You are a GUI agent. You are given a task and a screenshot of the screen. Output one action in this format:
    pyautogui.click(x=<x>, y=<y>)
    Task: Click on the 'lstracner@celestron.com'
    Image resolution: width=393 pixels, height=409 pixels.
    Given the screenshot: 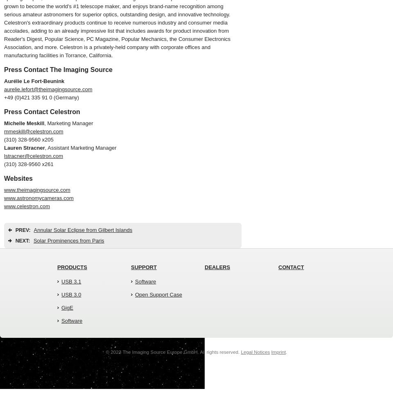 What is the action you would take?
    pyautogui.click(x=33, y=156)
    